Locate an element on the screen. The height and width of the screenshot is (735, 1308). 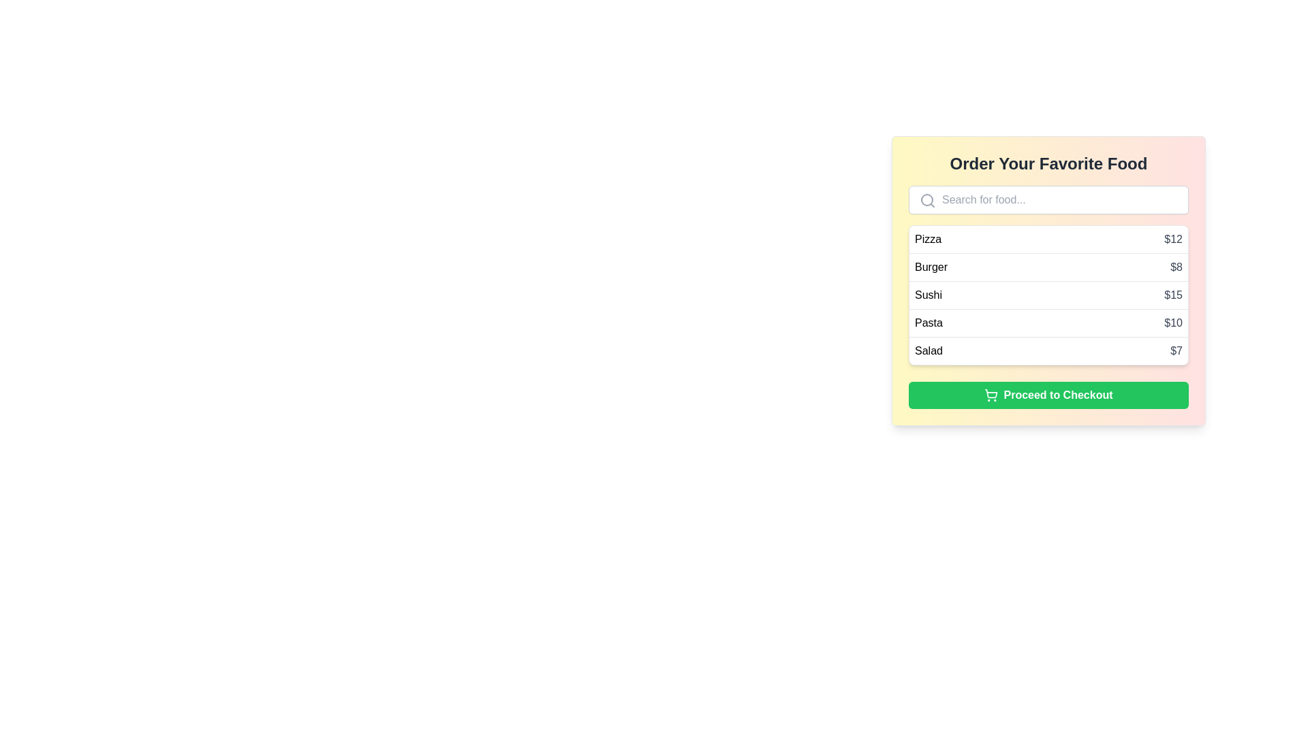
the 'Pasta' list item is located at coordinates (1048, 323).